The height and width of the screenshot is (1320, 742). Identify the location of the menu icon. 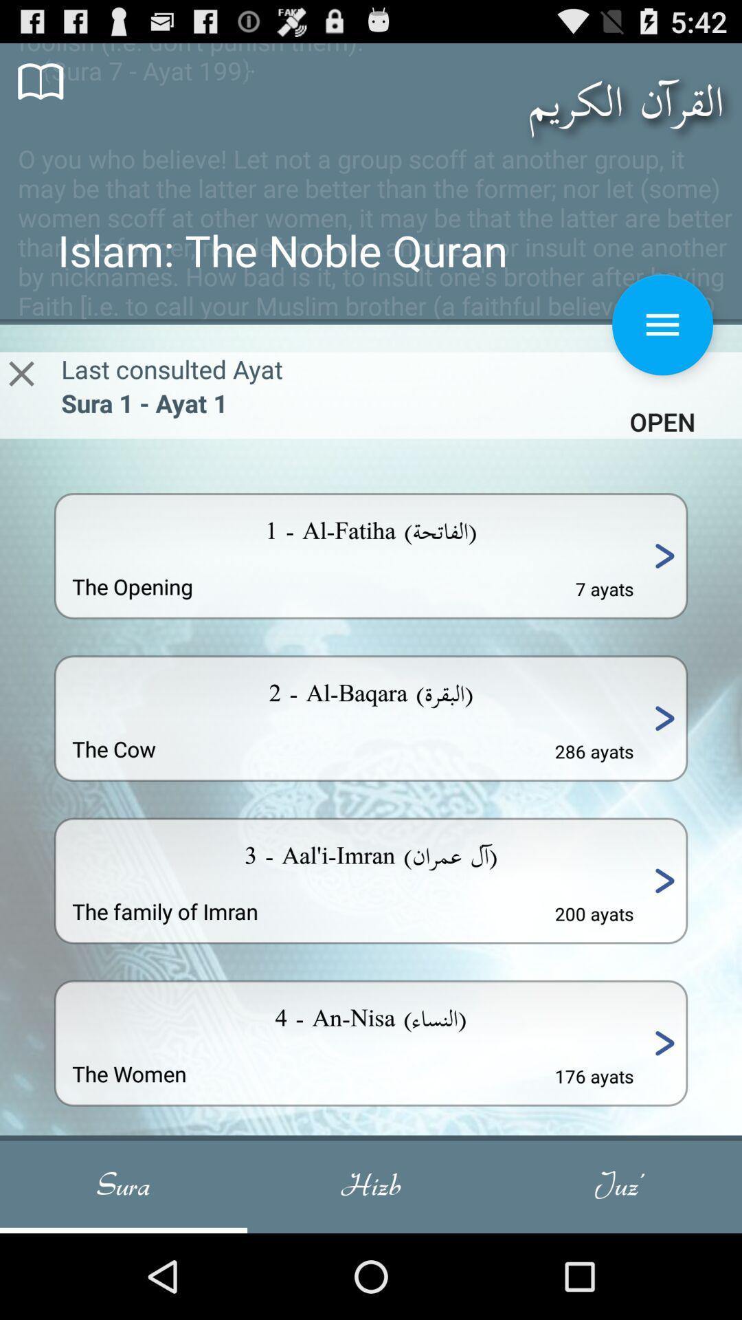
(662, 347).